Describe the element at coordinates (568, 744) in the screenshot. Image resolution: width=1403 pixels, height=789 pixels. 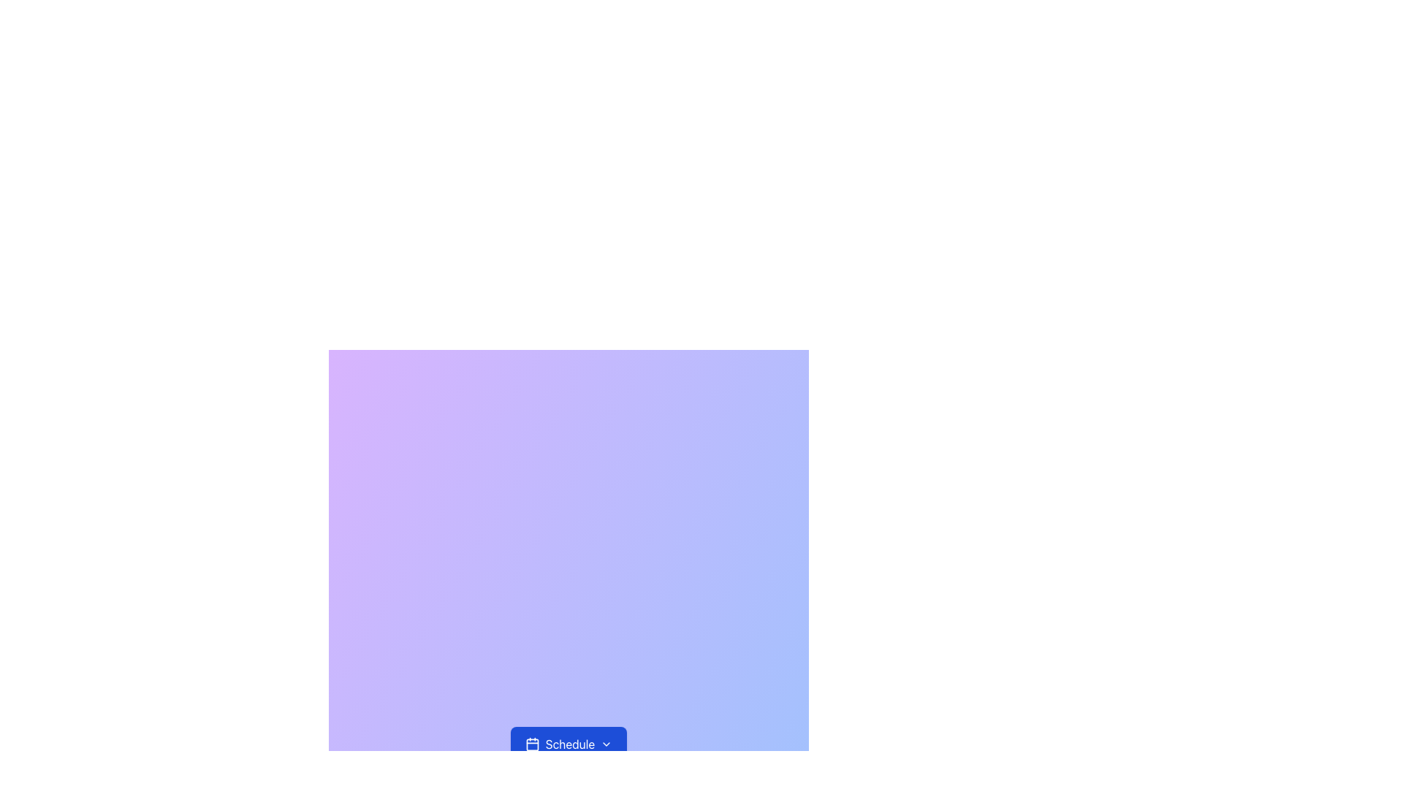
I see `the blue 'Schedule' button located near the bottom of the gradient background` at that location.